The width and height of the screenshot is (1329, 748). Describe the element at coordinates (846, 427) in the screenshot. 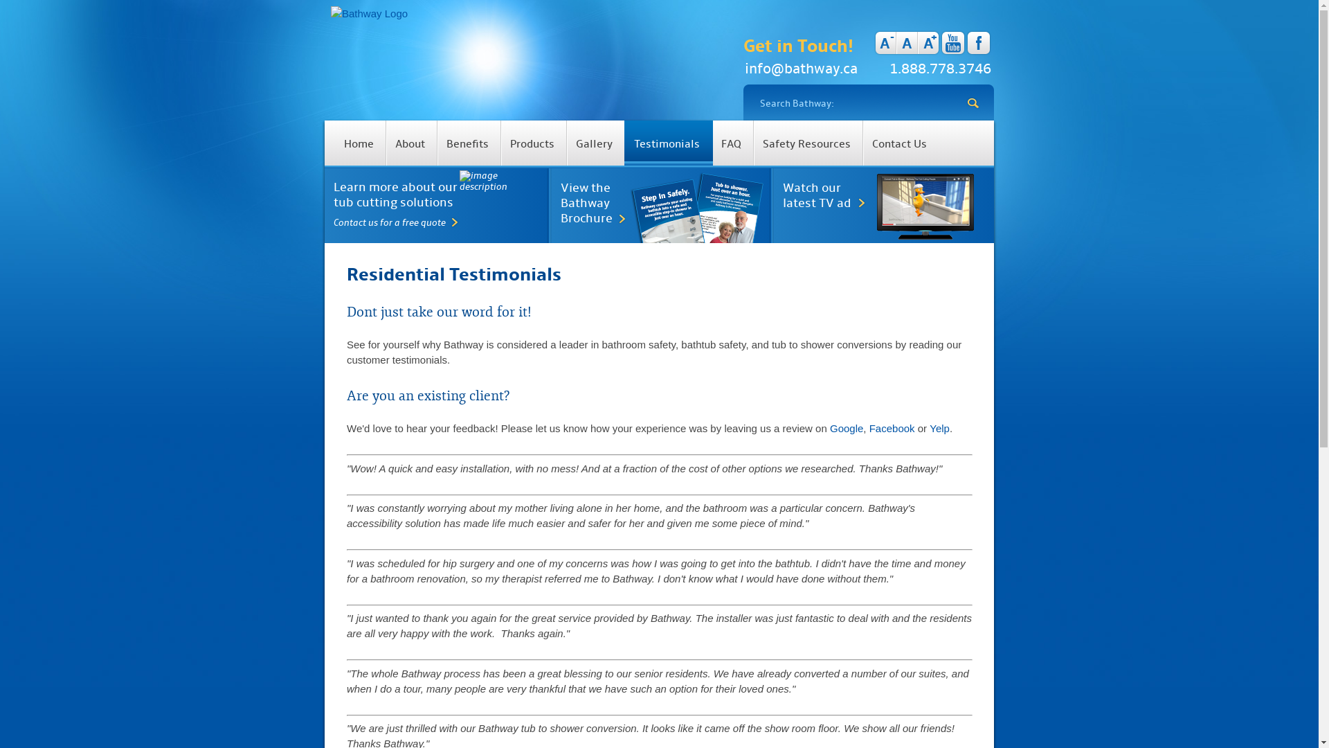

I see `'Google'` at that location.